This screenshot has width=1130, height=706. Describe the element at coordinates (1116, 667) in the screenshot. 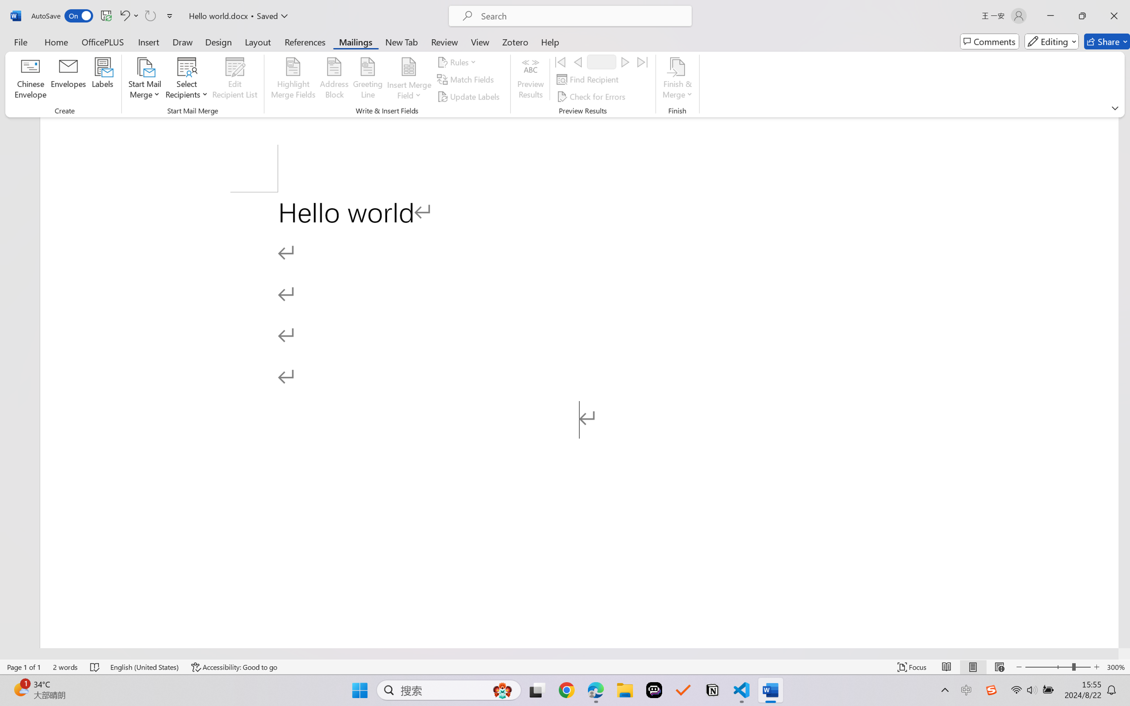

I see `'Zoom 300%'` at that location.